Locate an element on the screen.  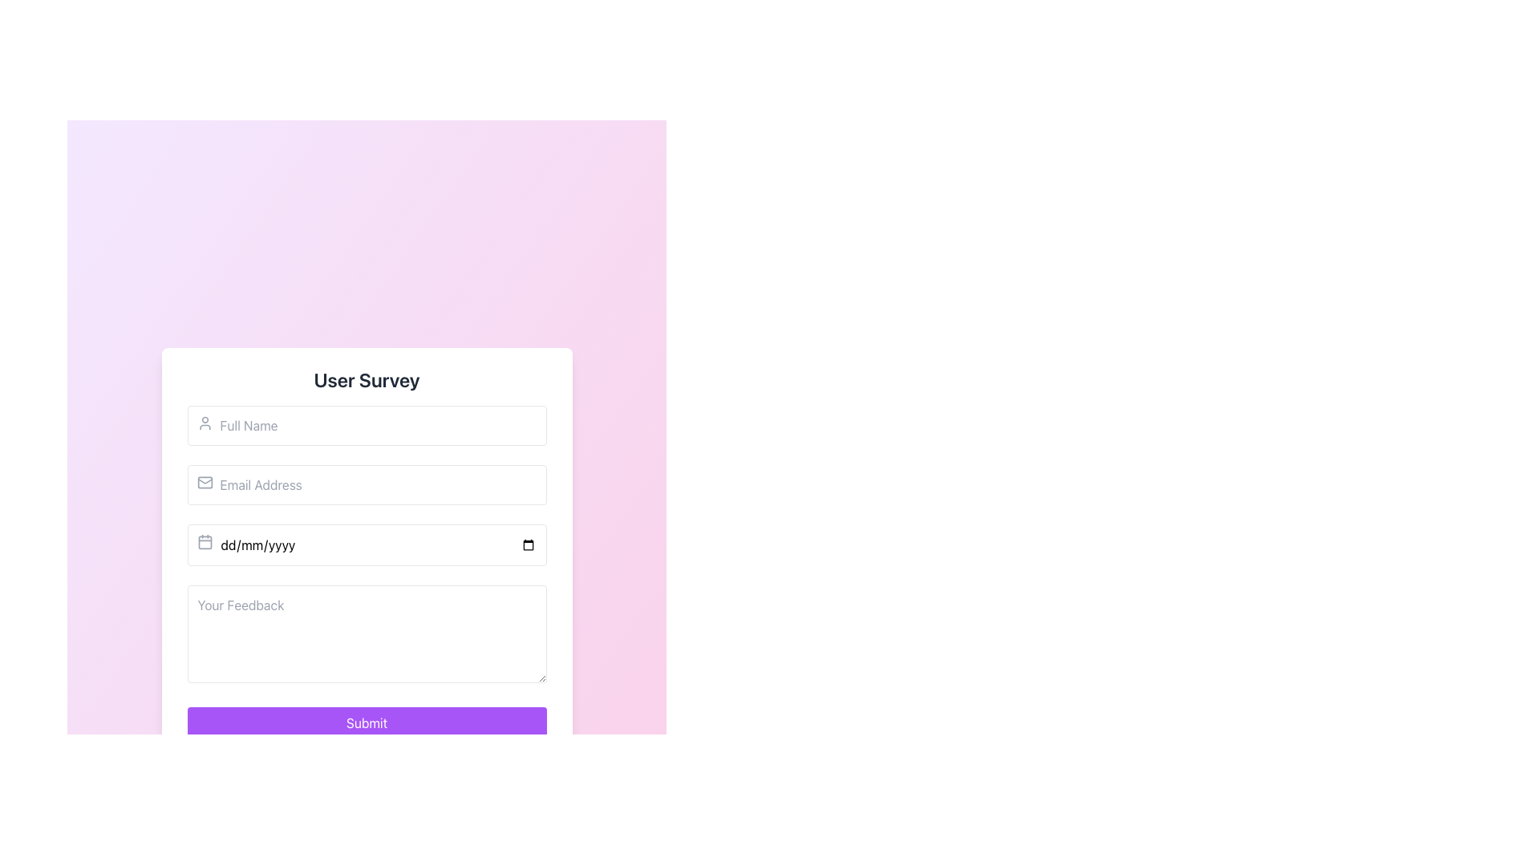
the calendar icon decoration, which is the body of the icon positioned to the left of the date text field displaying 'dd/mm/yyyy' is located at coordinates (204, 541).